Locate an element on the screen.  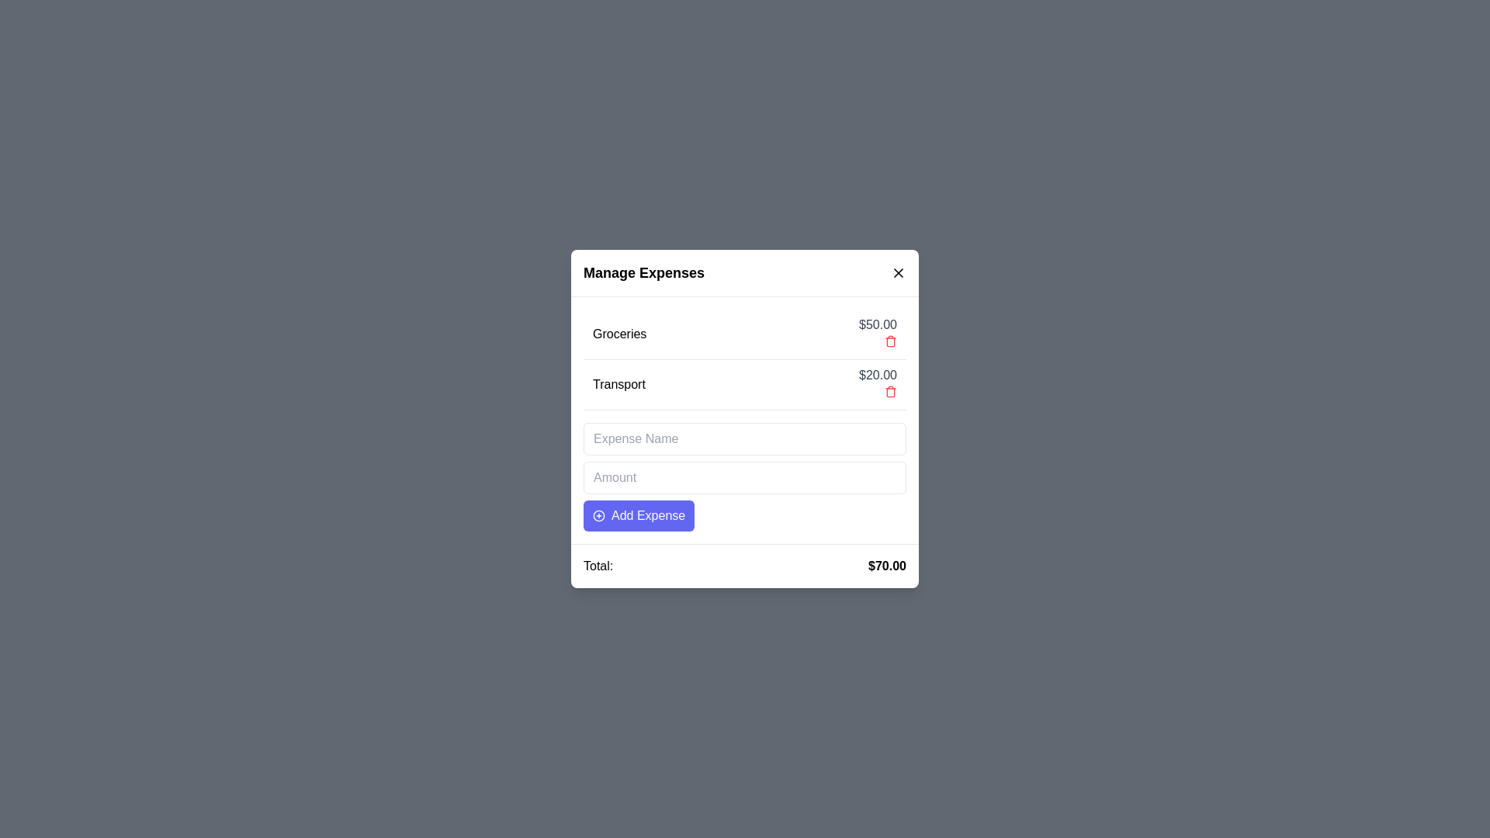
the text label displaying the amount '$20.00', which is right-aligned and located in the second row of the main section, associated with the label 'Transport' on its left is located at coordinates (878, 384).